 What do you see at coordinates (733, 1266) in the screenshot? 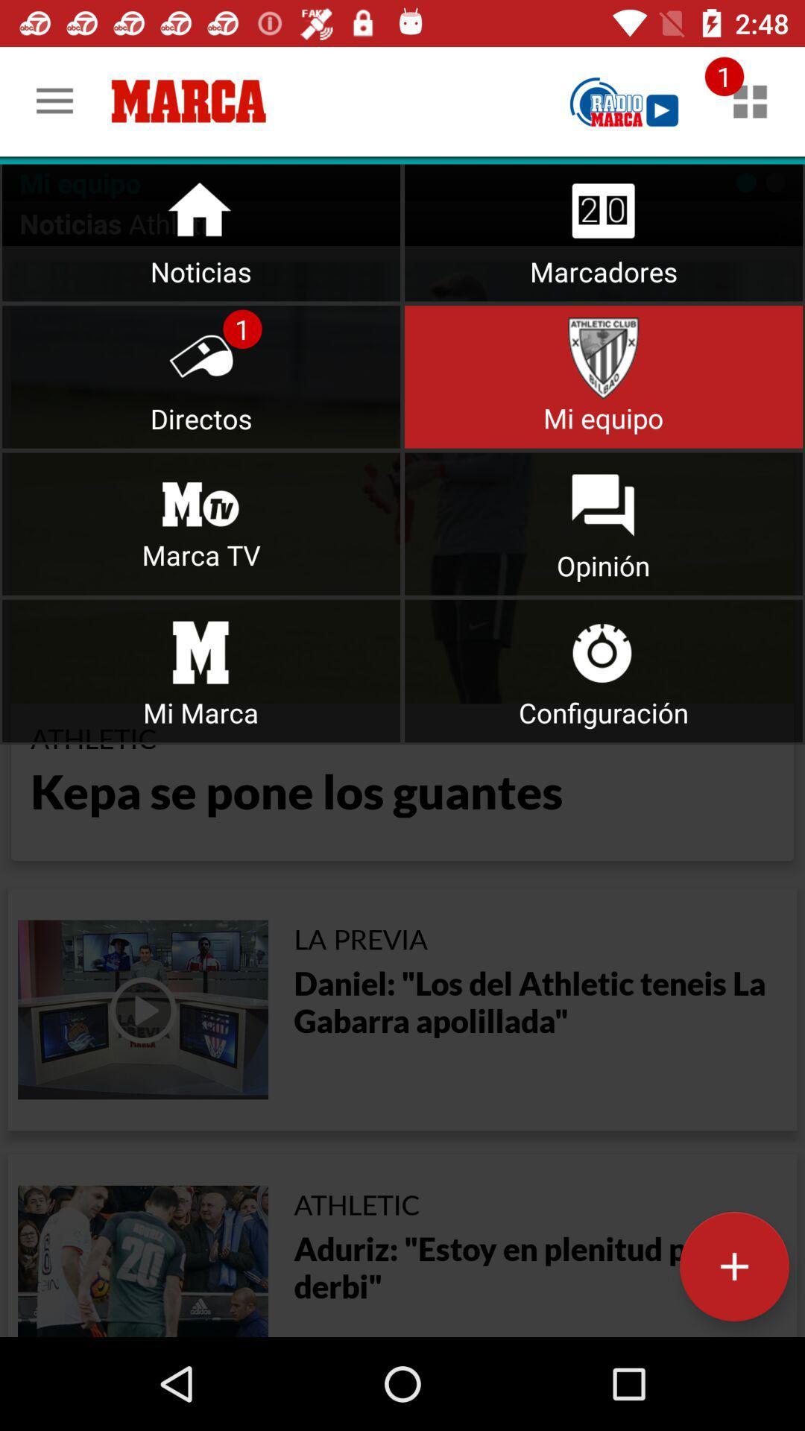
I see `the add icon` at bounding box center [733, 1266].